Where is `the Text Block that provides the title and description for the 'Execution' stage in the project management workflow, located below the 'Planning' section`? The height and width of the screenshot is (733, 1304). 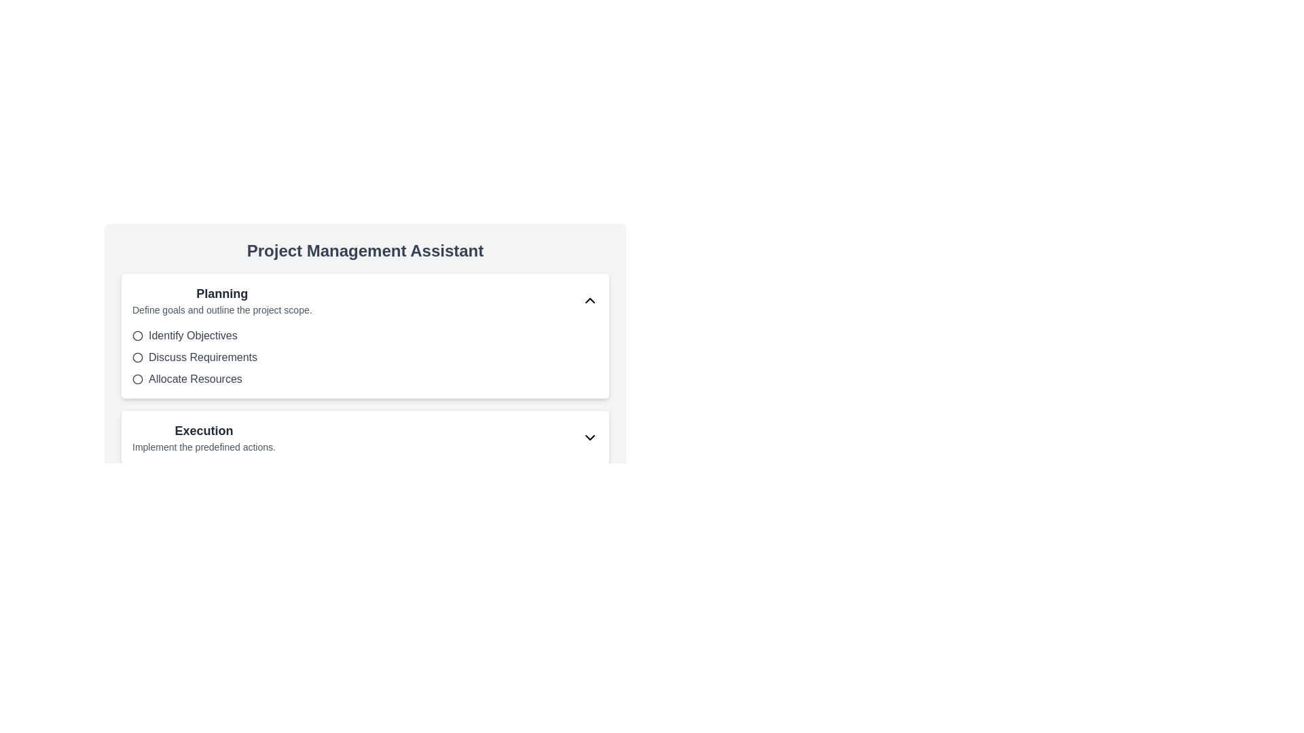
the Text Block that provides the title and description for the 'Execution' stage in the project management workflow, located below the 'Planning' section is located at coordinates (203, 437).